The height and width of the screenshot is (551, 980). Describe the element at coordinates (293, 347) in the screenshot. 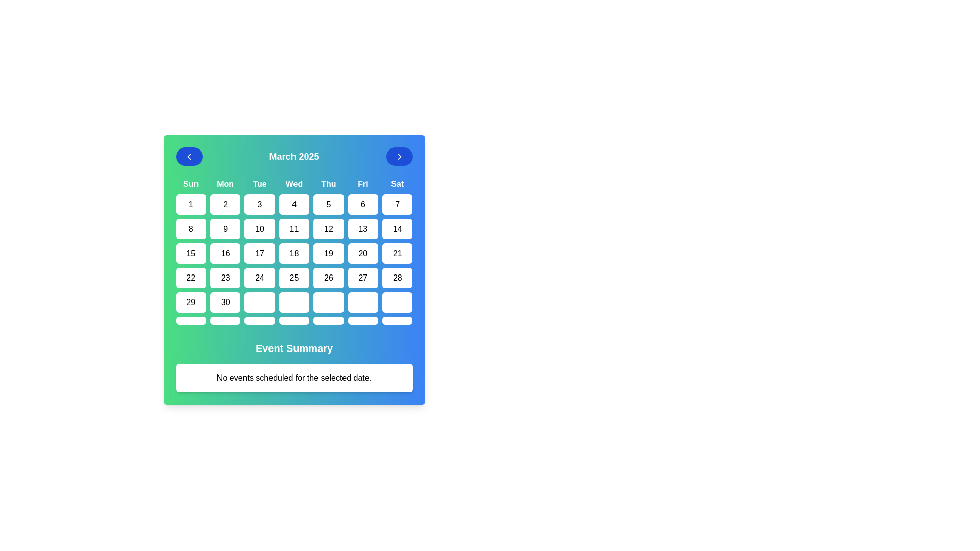

I see `the 'Event Summary' text label, which is bold and centered with a green to blue gradient background` at that location.